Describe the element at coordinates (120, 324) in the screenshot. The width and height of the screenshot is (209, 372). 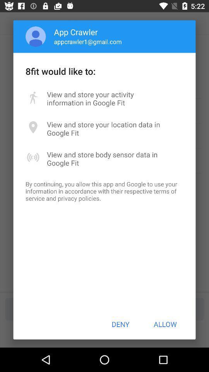
I see `the deny at the bottom` at that location.